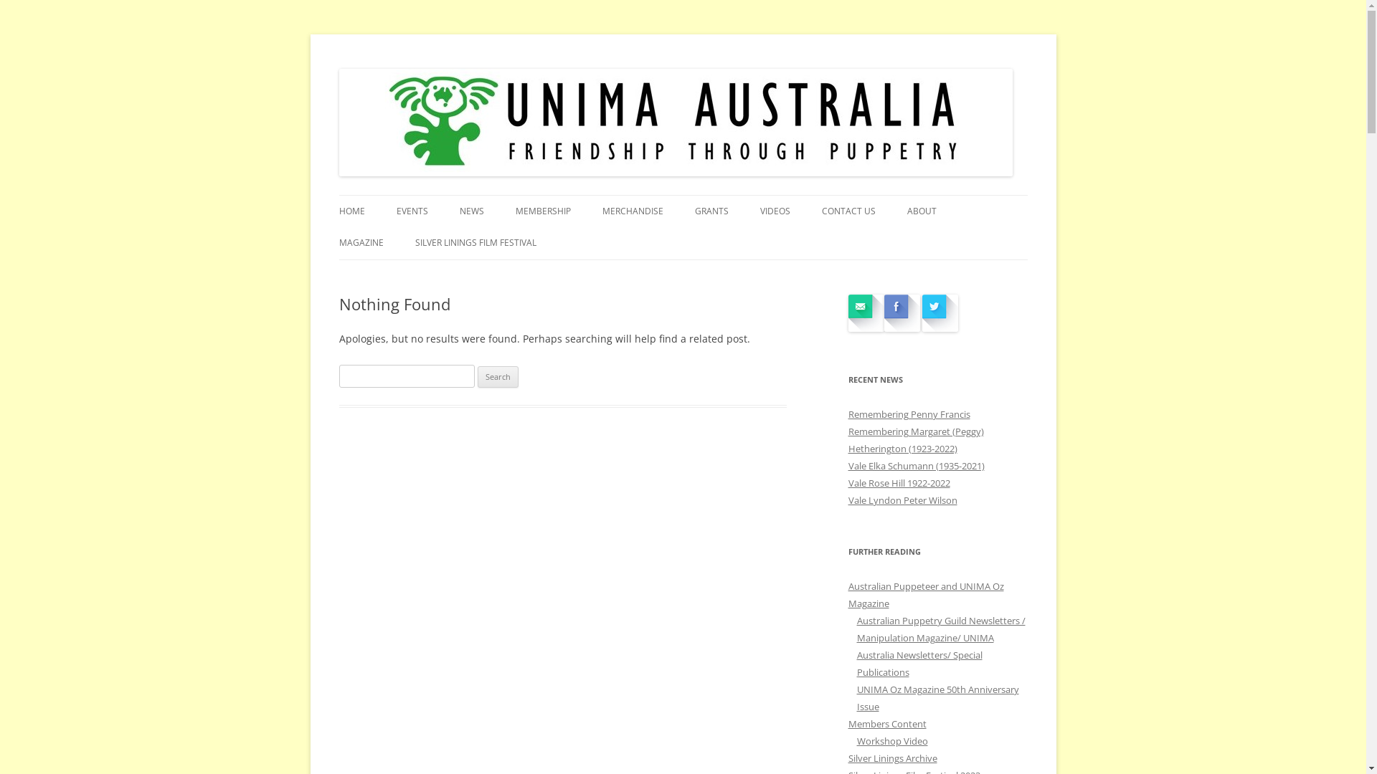  I want to click on 'Remembering Penny Francis', so click(908, 414).